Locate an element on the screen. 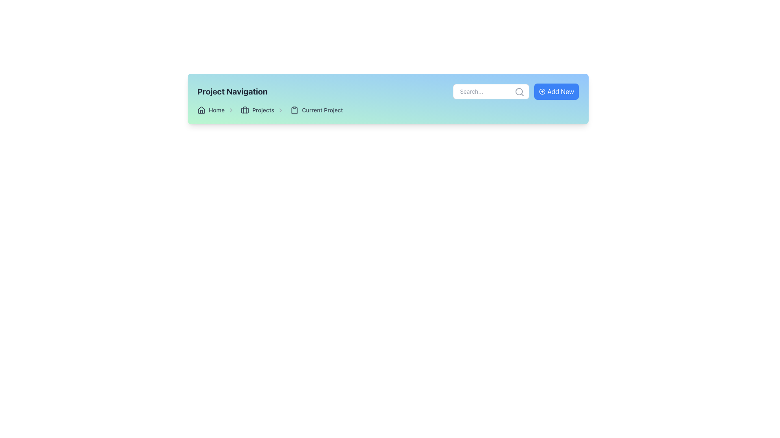 The width and height of the screenshot is (780, 438). the clipboard icon located in the navigation breadcrumb bar is located at coordinates (294, 110).